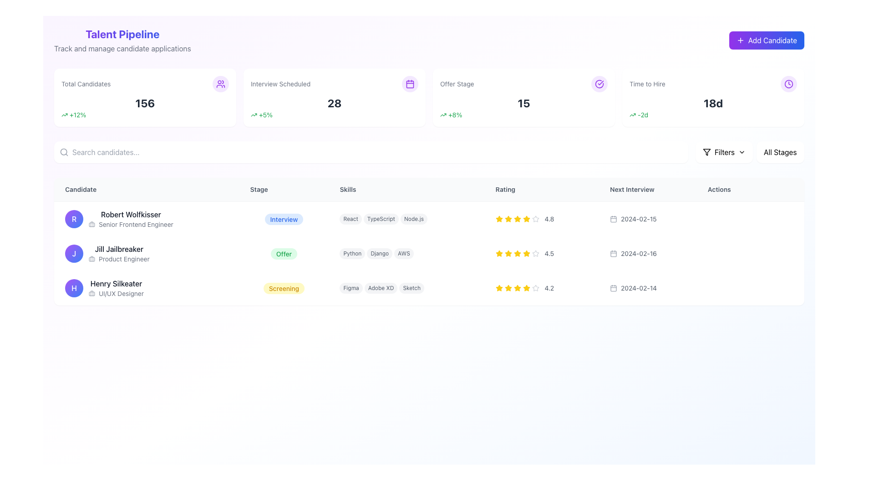 Image resolution: width=874 pixels, height=491 pixels. Describe the element at coordinates (428, 288) in the screenshot. I see `information displayed in the table row for user 'Henry Silkeater', which includes their title 'UI/UX Designer', current stage 'Screening', skills, rating, and date` at that location.